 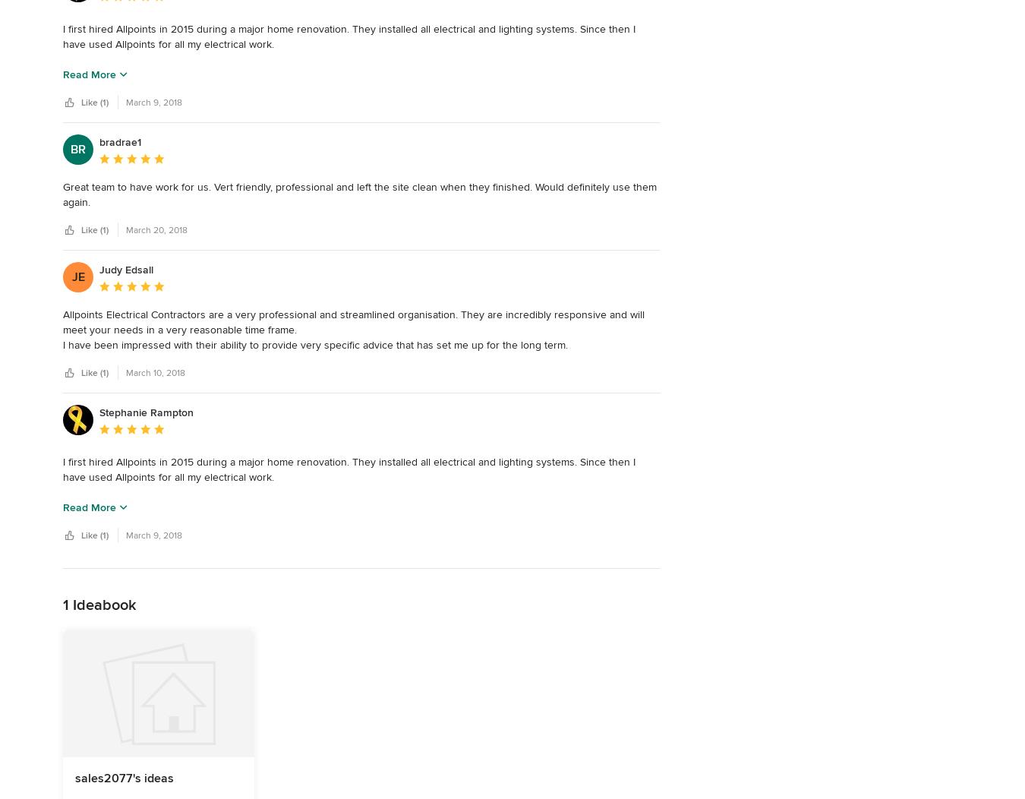 I want to click on 'bradrae1', so click(x=120, y=141).